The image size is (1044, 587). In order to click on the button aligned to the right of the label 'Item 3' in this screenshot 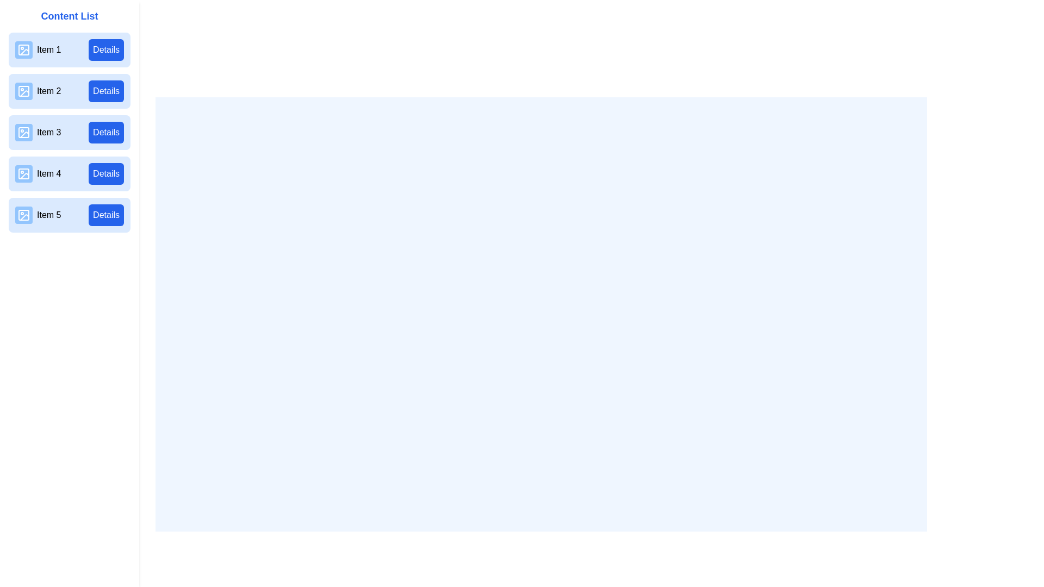, I will do `click(106, 132)`.